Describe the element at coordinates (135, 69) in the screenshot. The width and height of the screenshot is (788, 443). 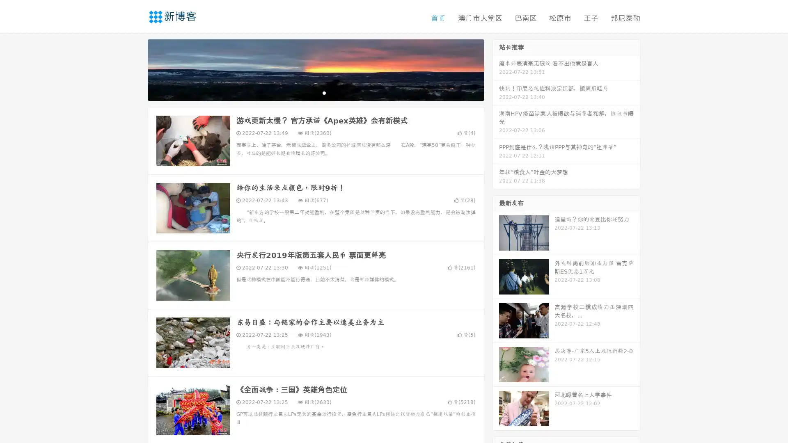
I see `Previous slide` at that location.